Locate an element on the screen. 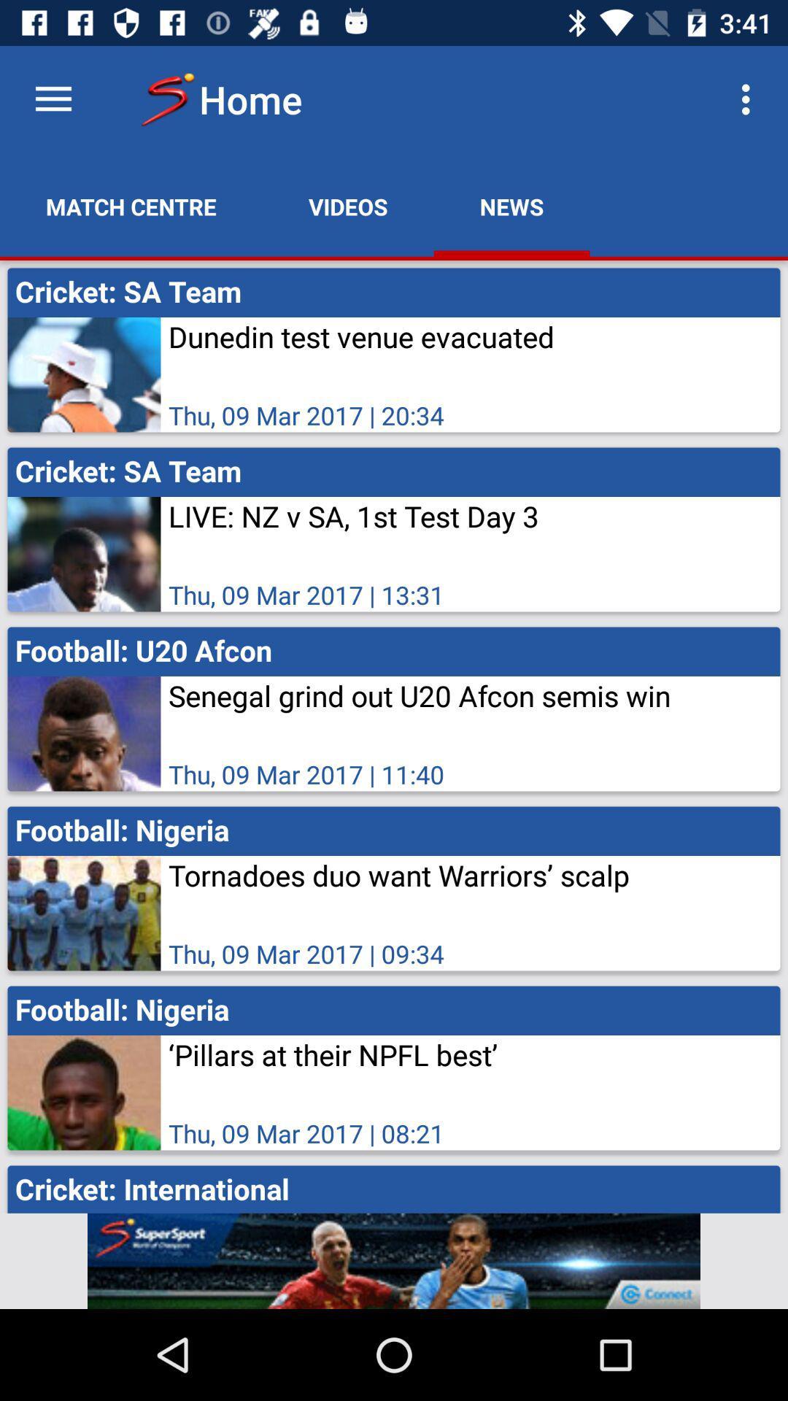  advertisement is located at coordinates (394, 1260).